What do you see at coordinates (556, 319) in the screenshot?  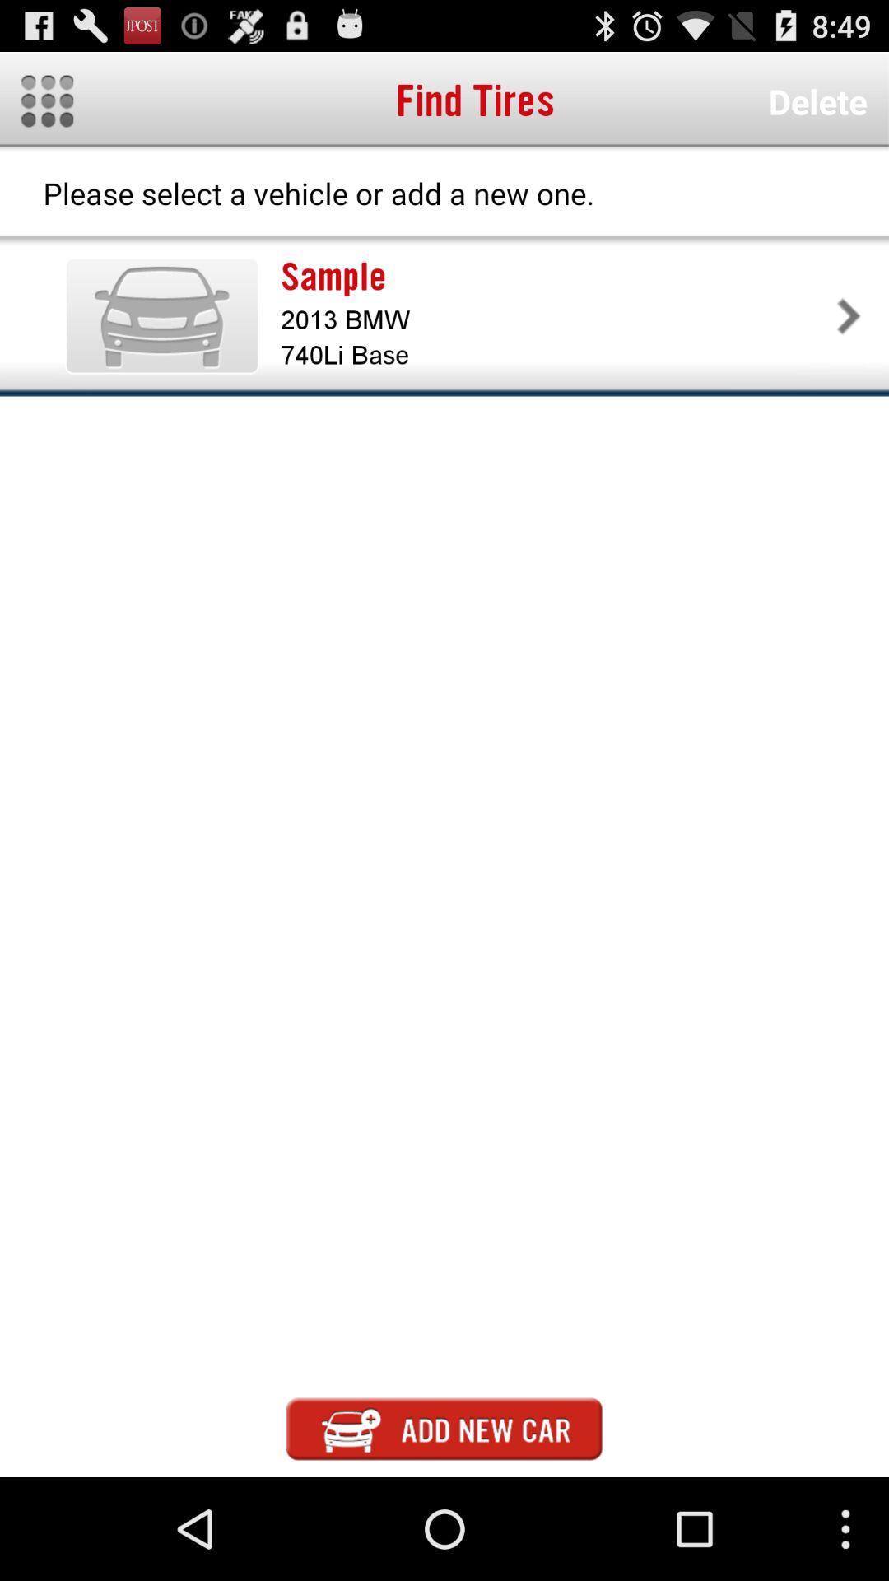 I see `the 2013 bmw` at bounding box center [556, 319].